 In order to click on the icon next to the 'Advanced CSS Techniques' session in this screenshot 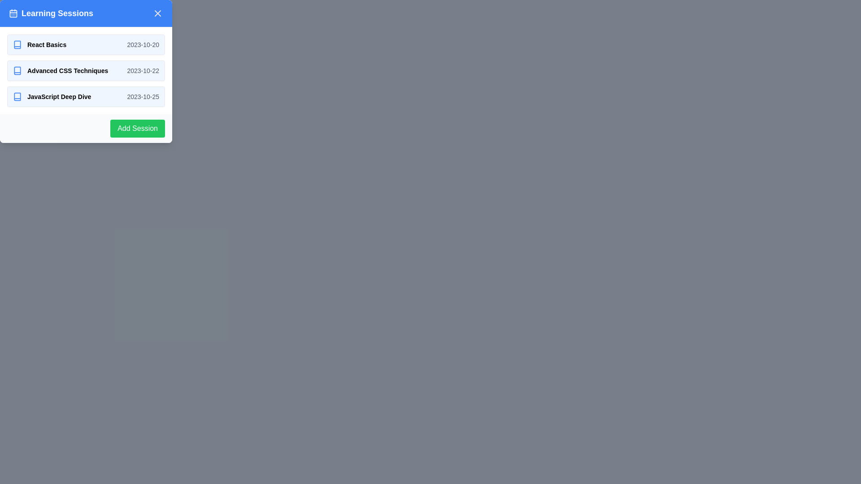, I will do `click(17, 70)`.